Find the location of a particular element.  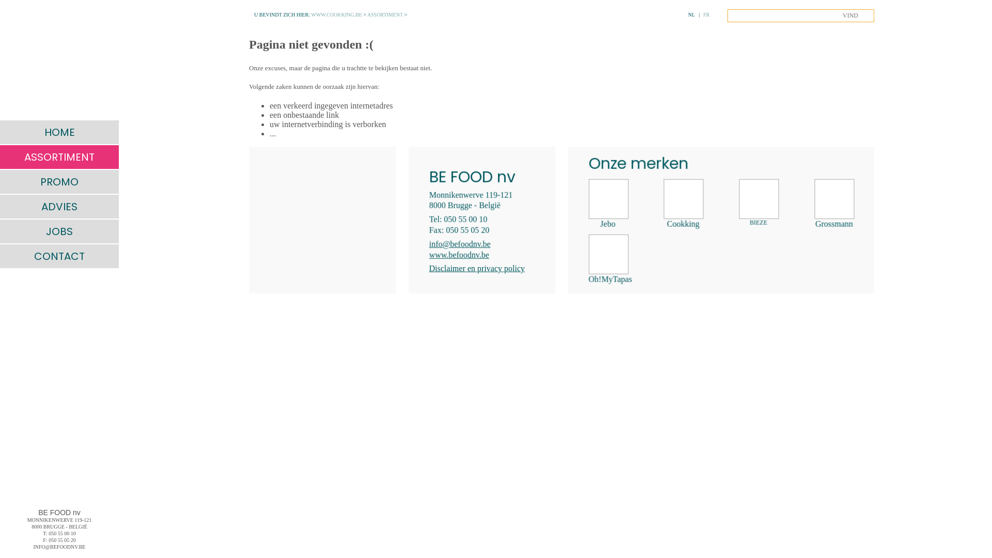

' ' is located at coordinates (59, 59).